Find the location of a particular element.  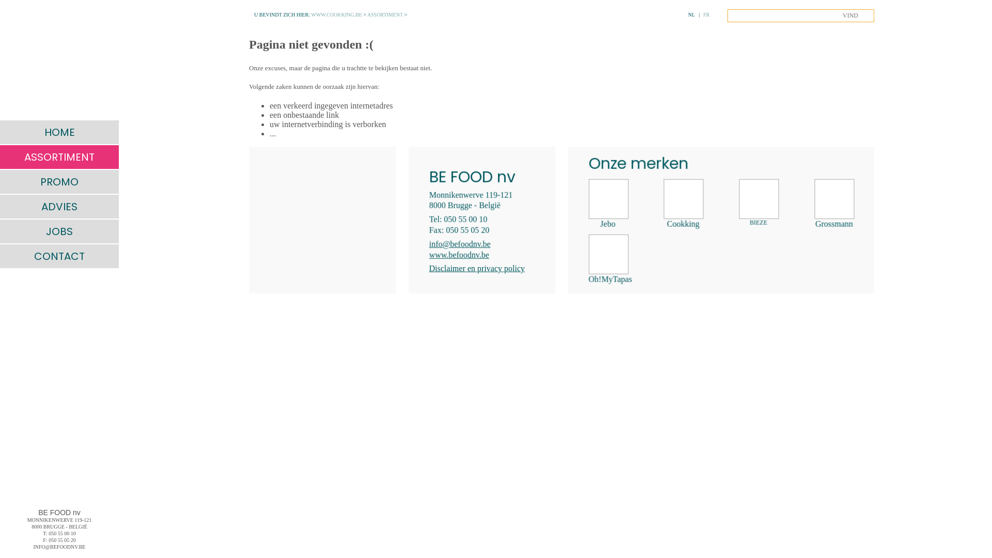

' ' is located at coordinates (59, 59).